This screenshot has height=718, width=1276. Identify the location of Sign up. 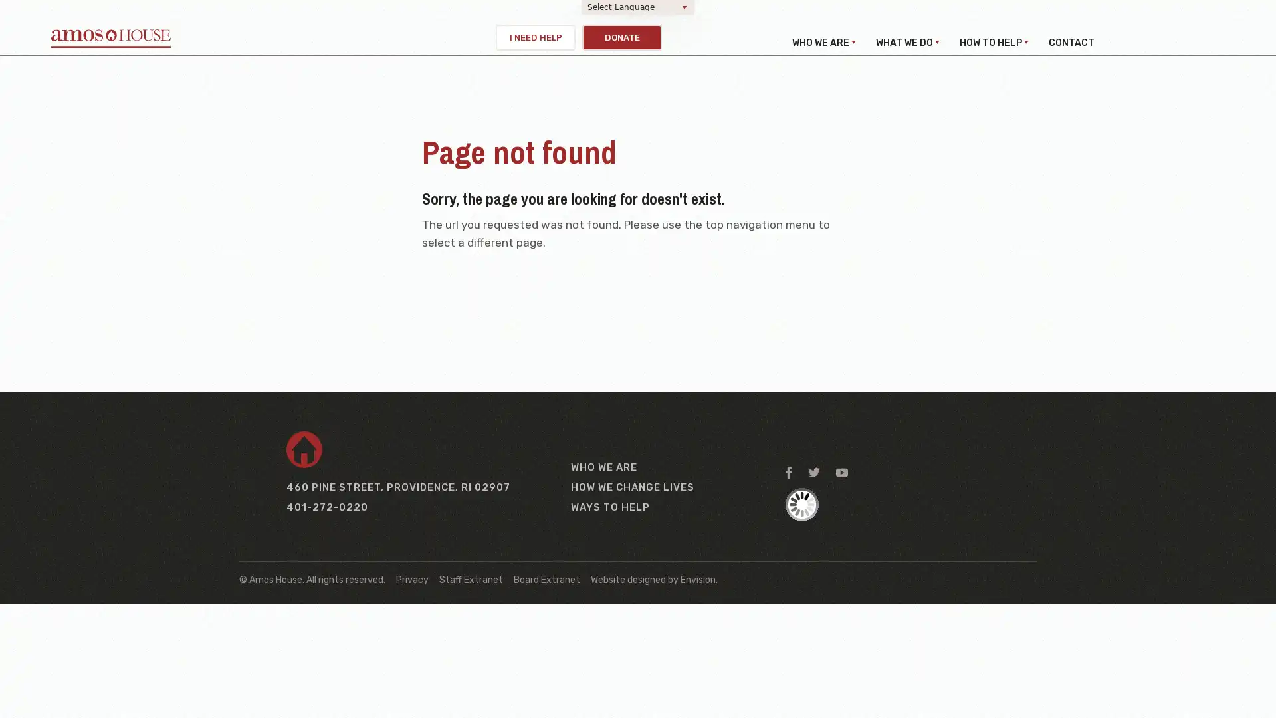
(920, 535).